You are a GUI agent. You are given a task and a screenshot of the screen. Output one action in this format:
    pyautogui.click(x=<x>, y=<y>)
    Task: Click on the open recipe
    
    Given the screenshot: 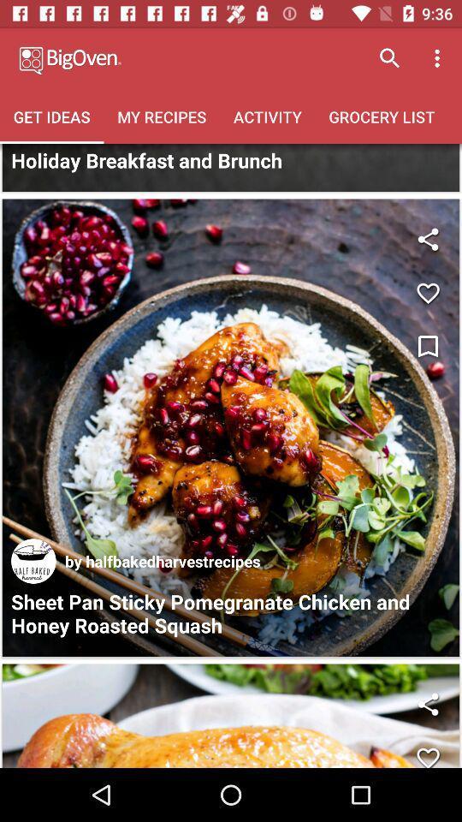 What is the action you would take?
    pyautogui.click(x=231, y=426)
    